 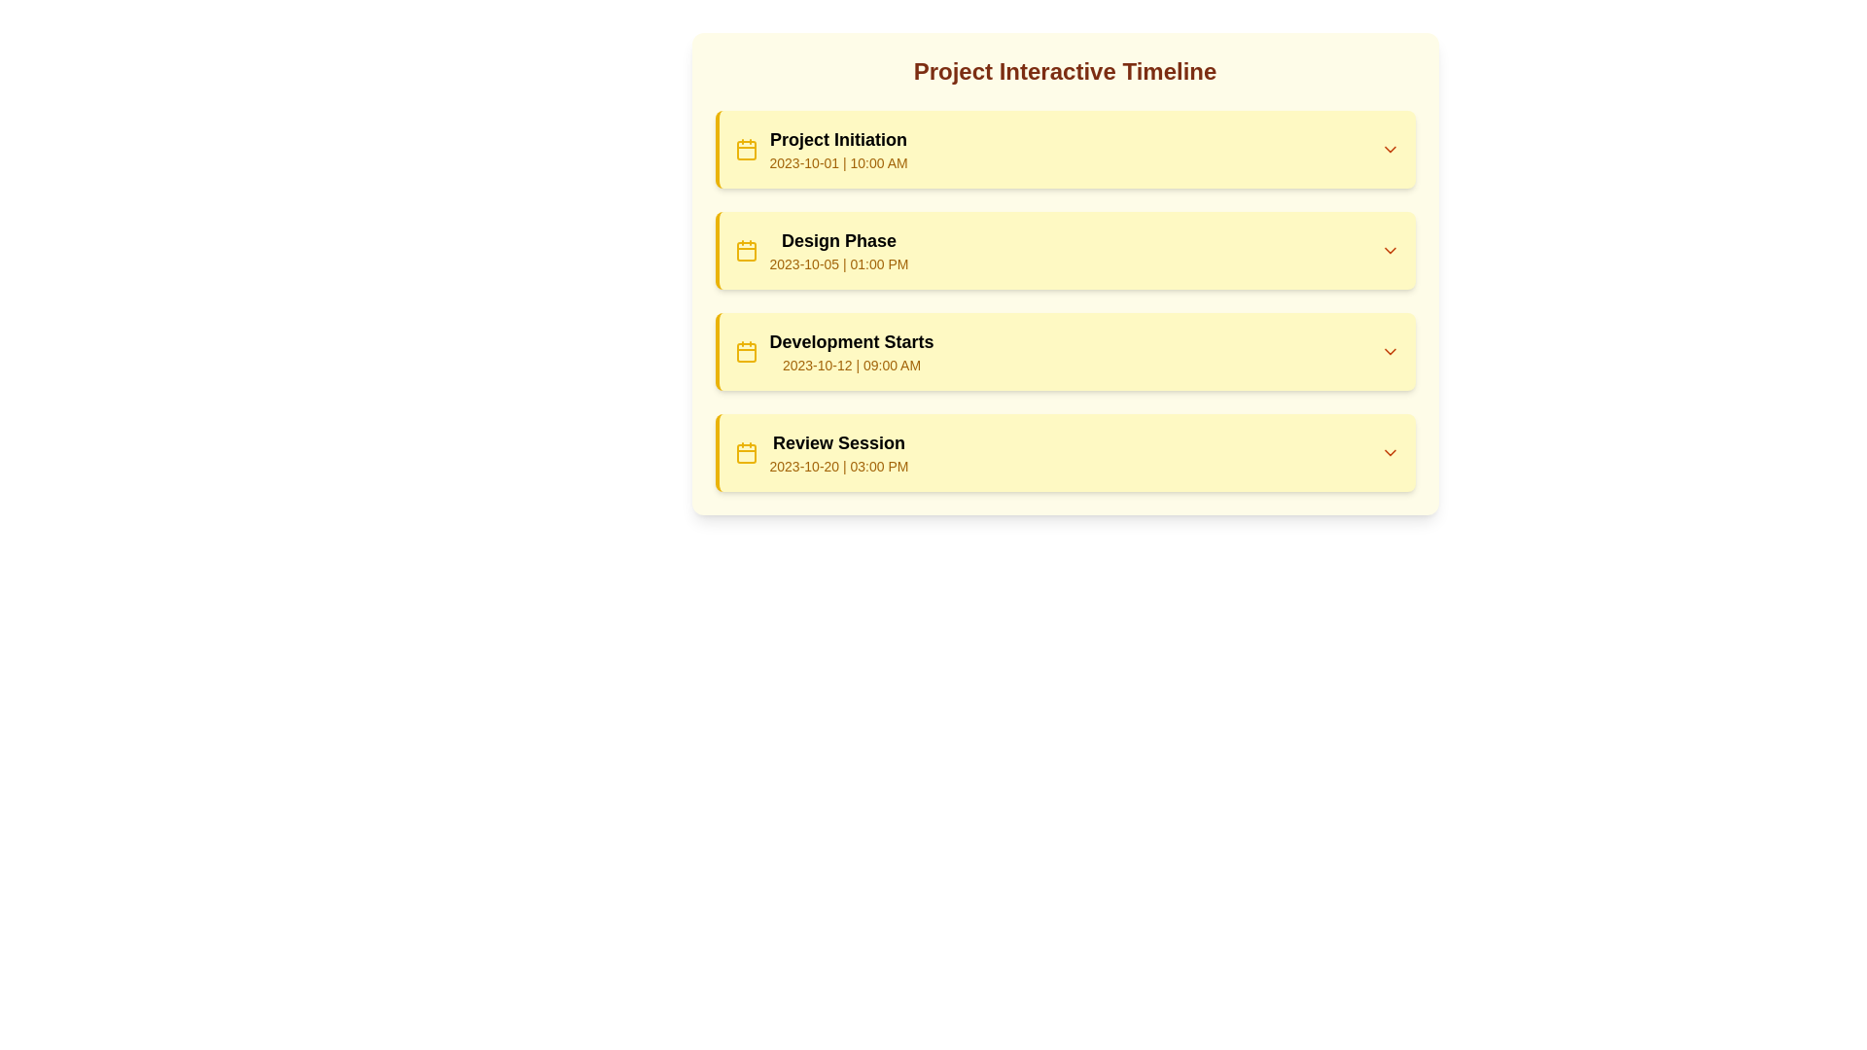 I want to click on the text label displaying '2023-10-20 | 03:00 PM' within the 'Review Session' panel, so click(x=839, y=466).